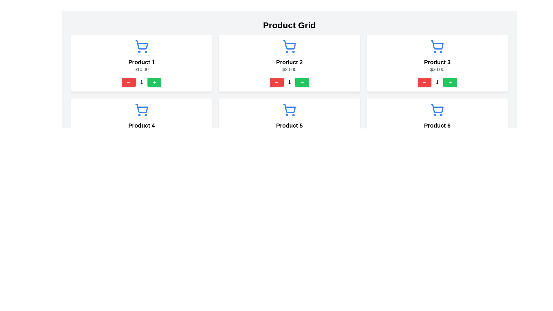 The image size is (553, 311). What do you see at coordinates (141, 46) in the screenshot?
I see `the shopping cart icon, which is a bright blue minimalist design located above the product title and price for 'Product 1'` at bounding box center [141, 46].